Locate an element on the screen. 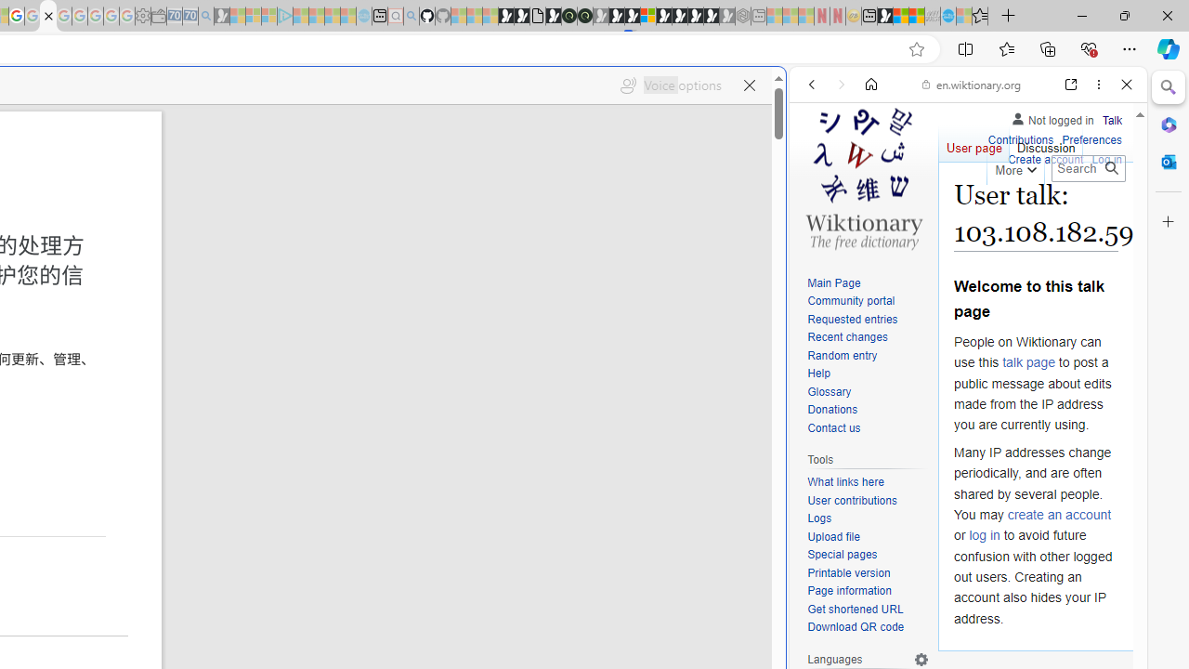 This screenshot has height=669, width=1189. 'Log in' is located at coordinates (1106, 159).